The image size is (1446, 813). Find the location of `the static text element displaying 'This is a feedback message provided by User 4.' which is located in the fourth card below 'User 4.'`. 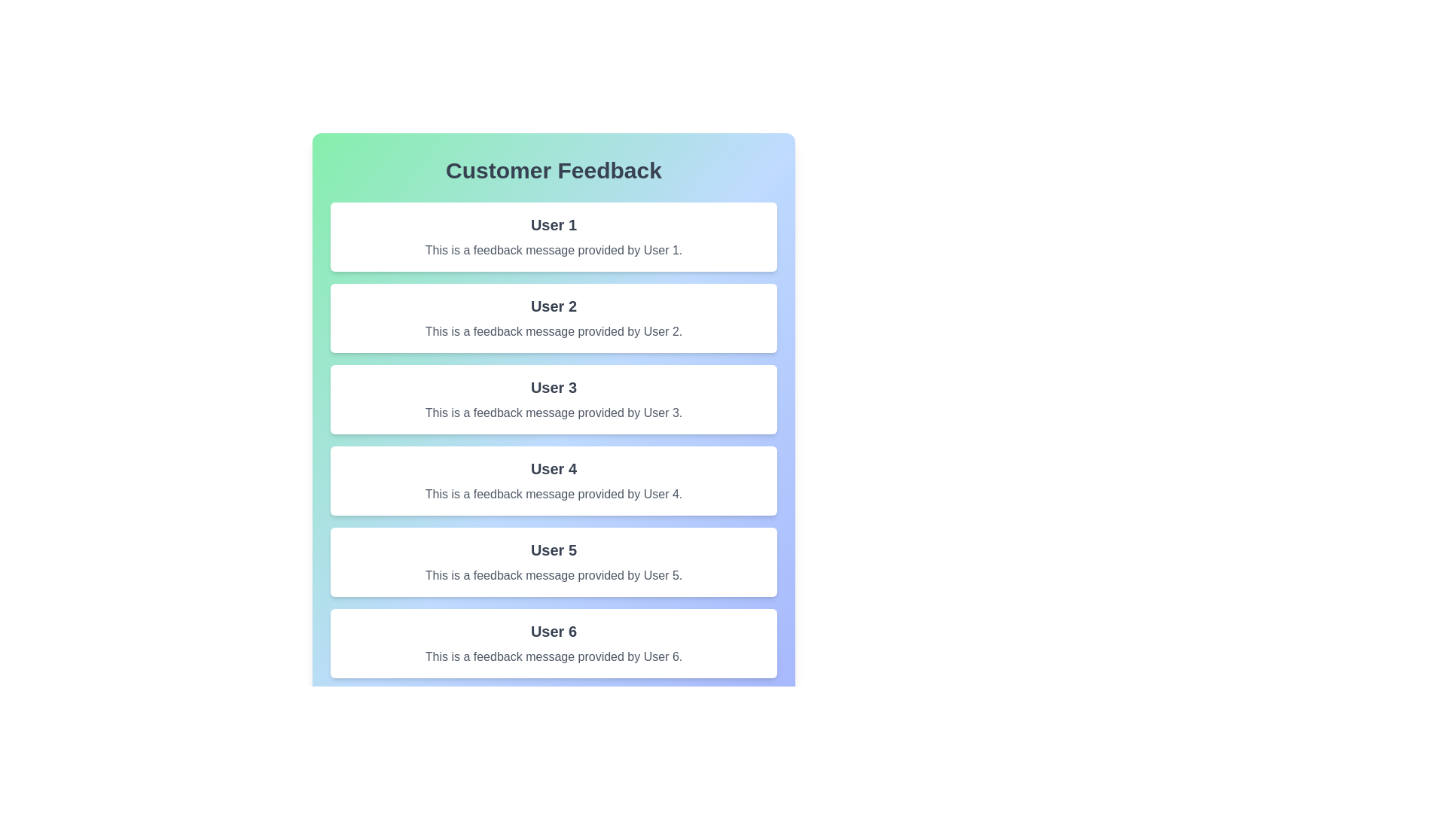

the static text element displaying 'This is a feedback message provided by User 4.' which is located in the fourth card below 'User 4.' is located at coordinates (553, 494).